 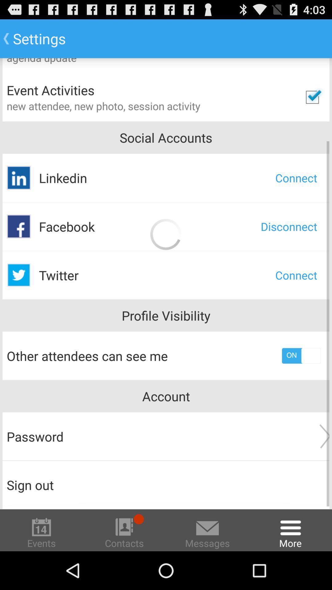 I want to click on the app above the account item, so click(x=301, y=356).